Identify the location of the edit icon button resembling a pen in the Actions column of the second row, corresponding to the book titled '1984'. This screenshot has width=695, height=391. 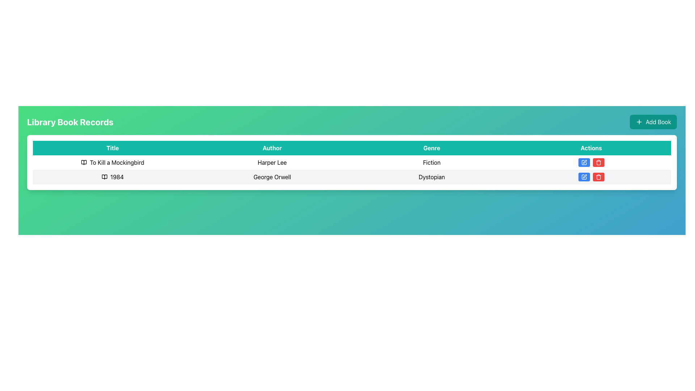
(585, 161).